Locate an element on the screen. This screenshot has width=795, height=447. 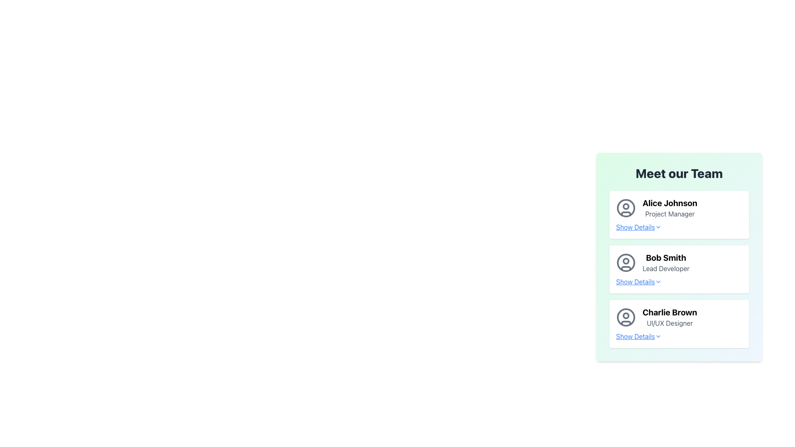
the 'Show Details' hyperlink below 'Alice Johnson - Project Manager' is located at coordinates (638, 227).